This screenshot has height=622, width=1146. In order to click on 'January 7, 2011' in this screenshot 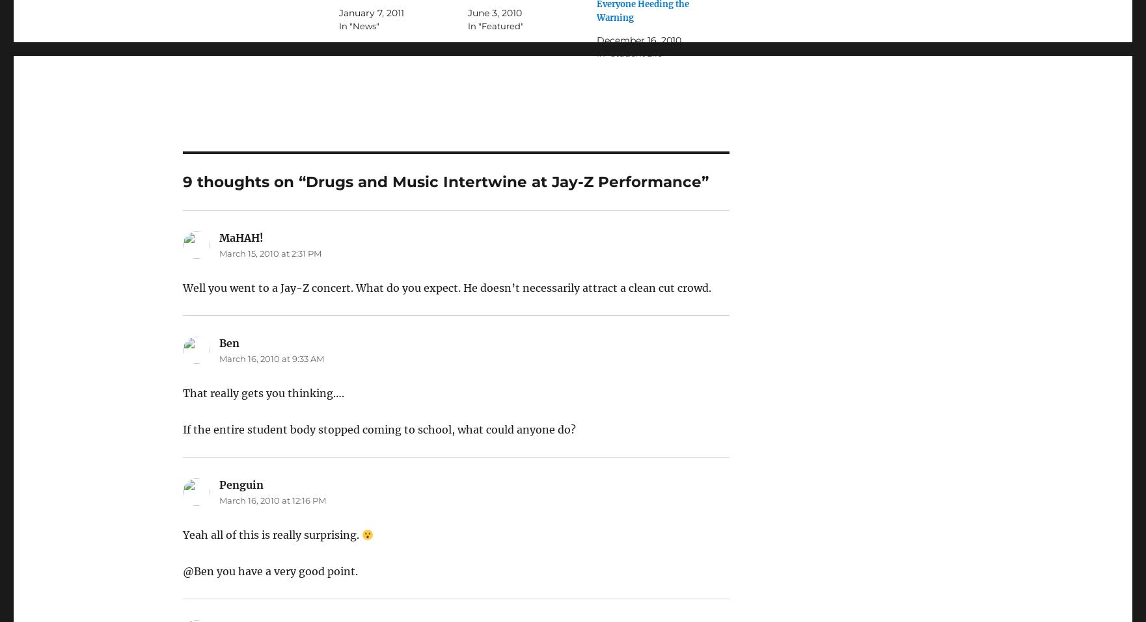, I will do `click(370, 12)`.